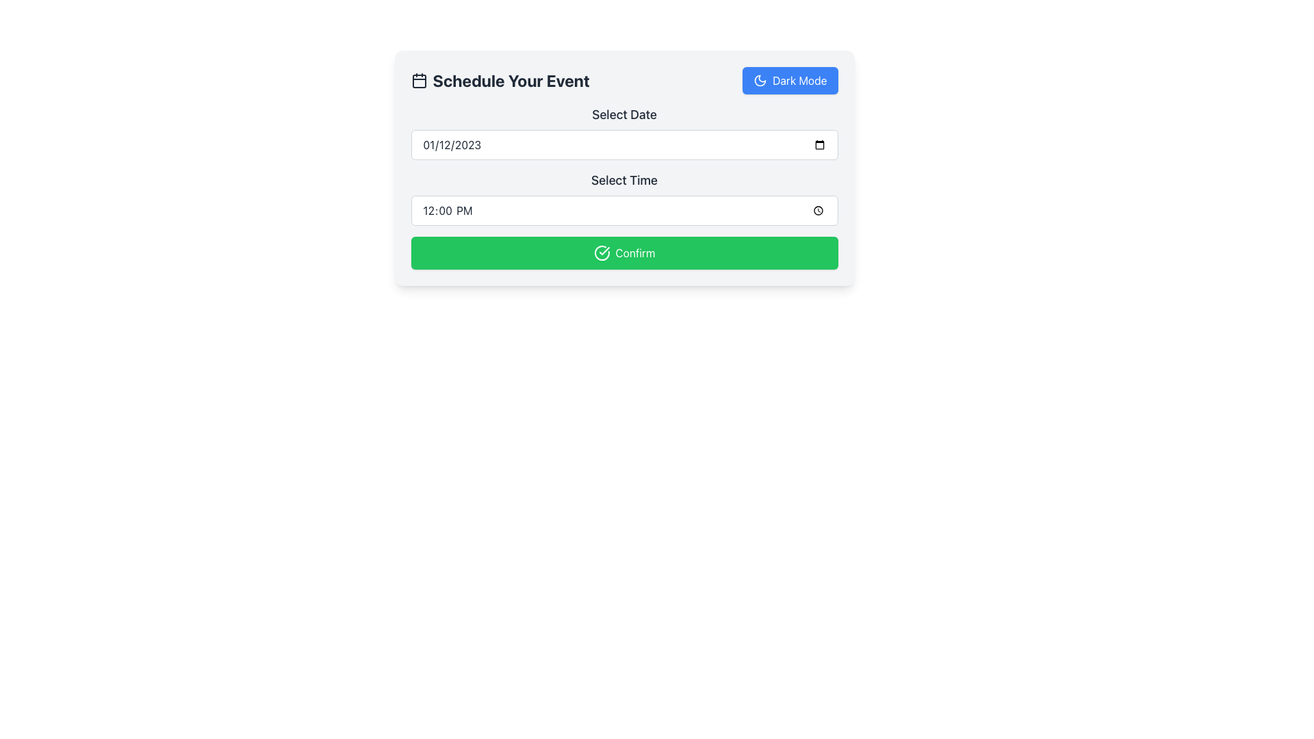 This screenshot has height=739, width=1314. Describe the element at coordinates (623, 132) in the screenshot. I see `the Date Selection Input Field located below the title 'Schedule Your Event'` at that location.